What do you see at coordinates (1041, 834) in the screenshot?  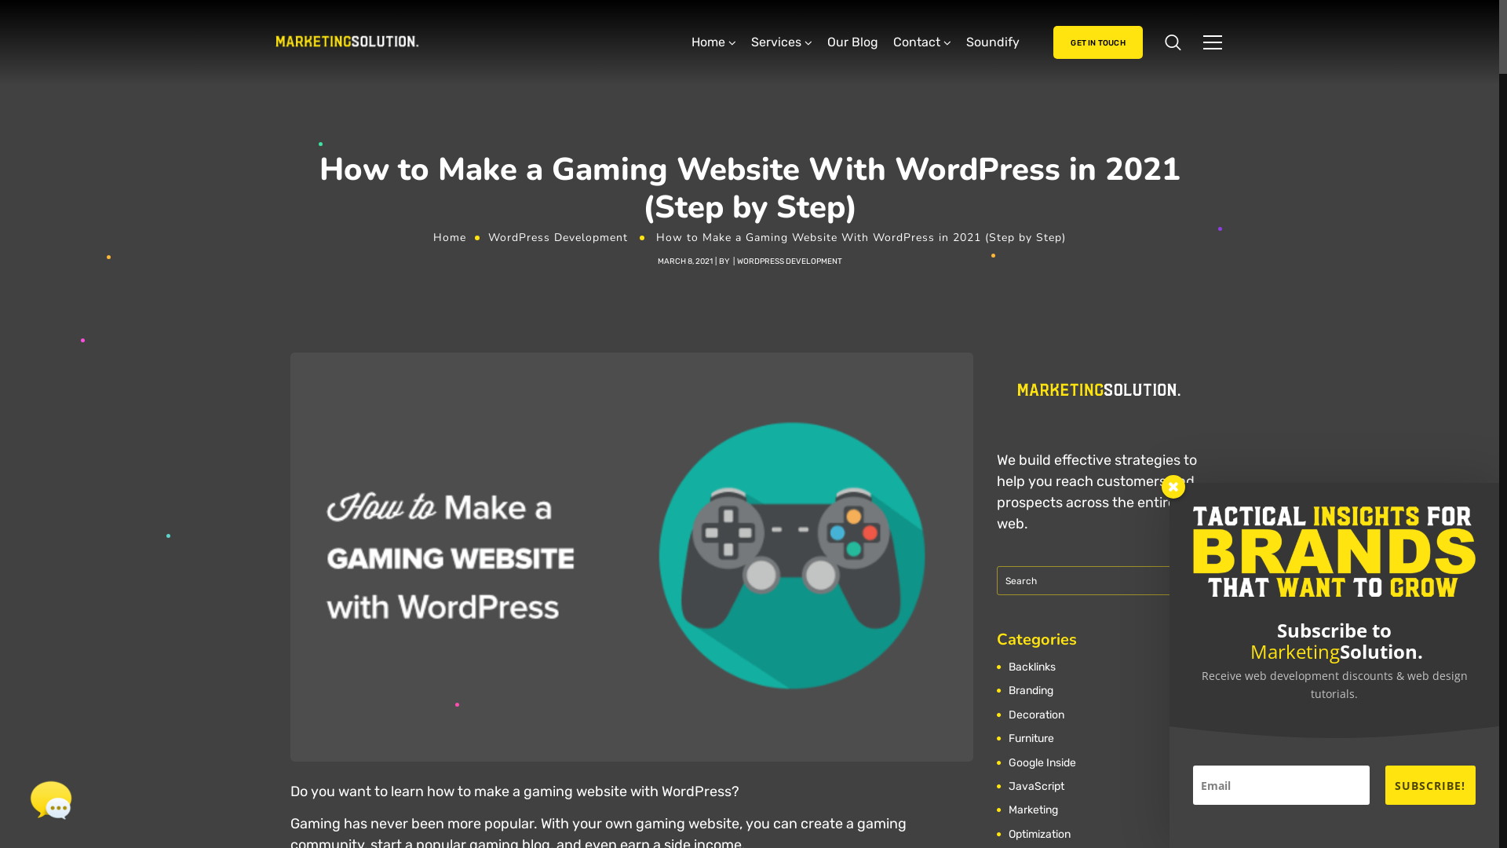 I see `'Optimization'` at bounding box center [1041, 834].